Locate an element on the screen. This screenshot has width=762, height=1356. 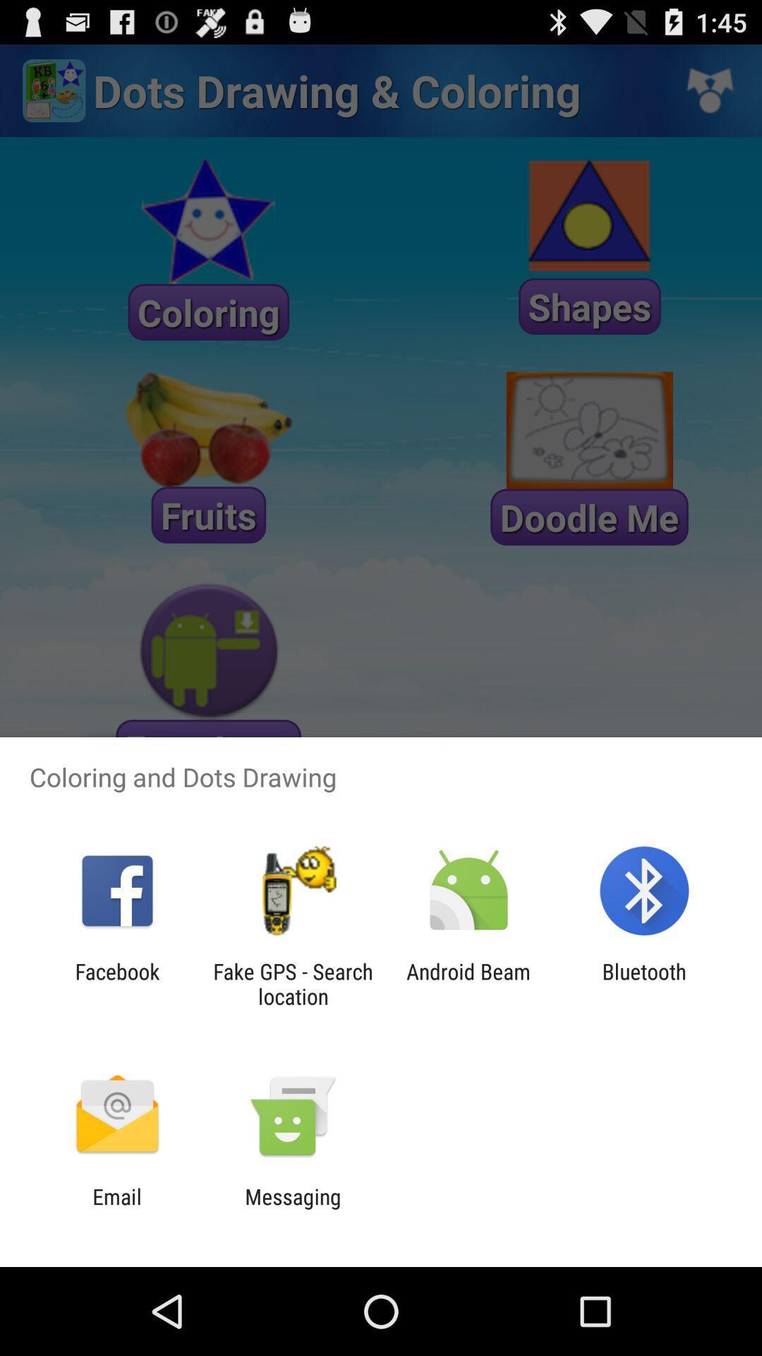
icon to the right of fake gps search icon is located at coordinates (468, 983).